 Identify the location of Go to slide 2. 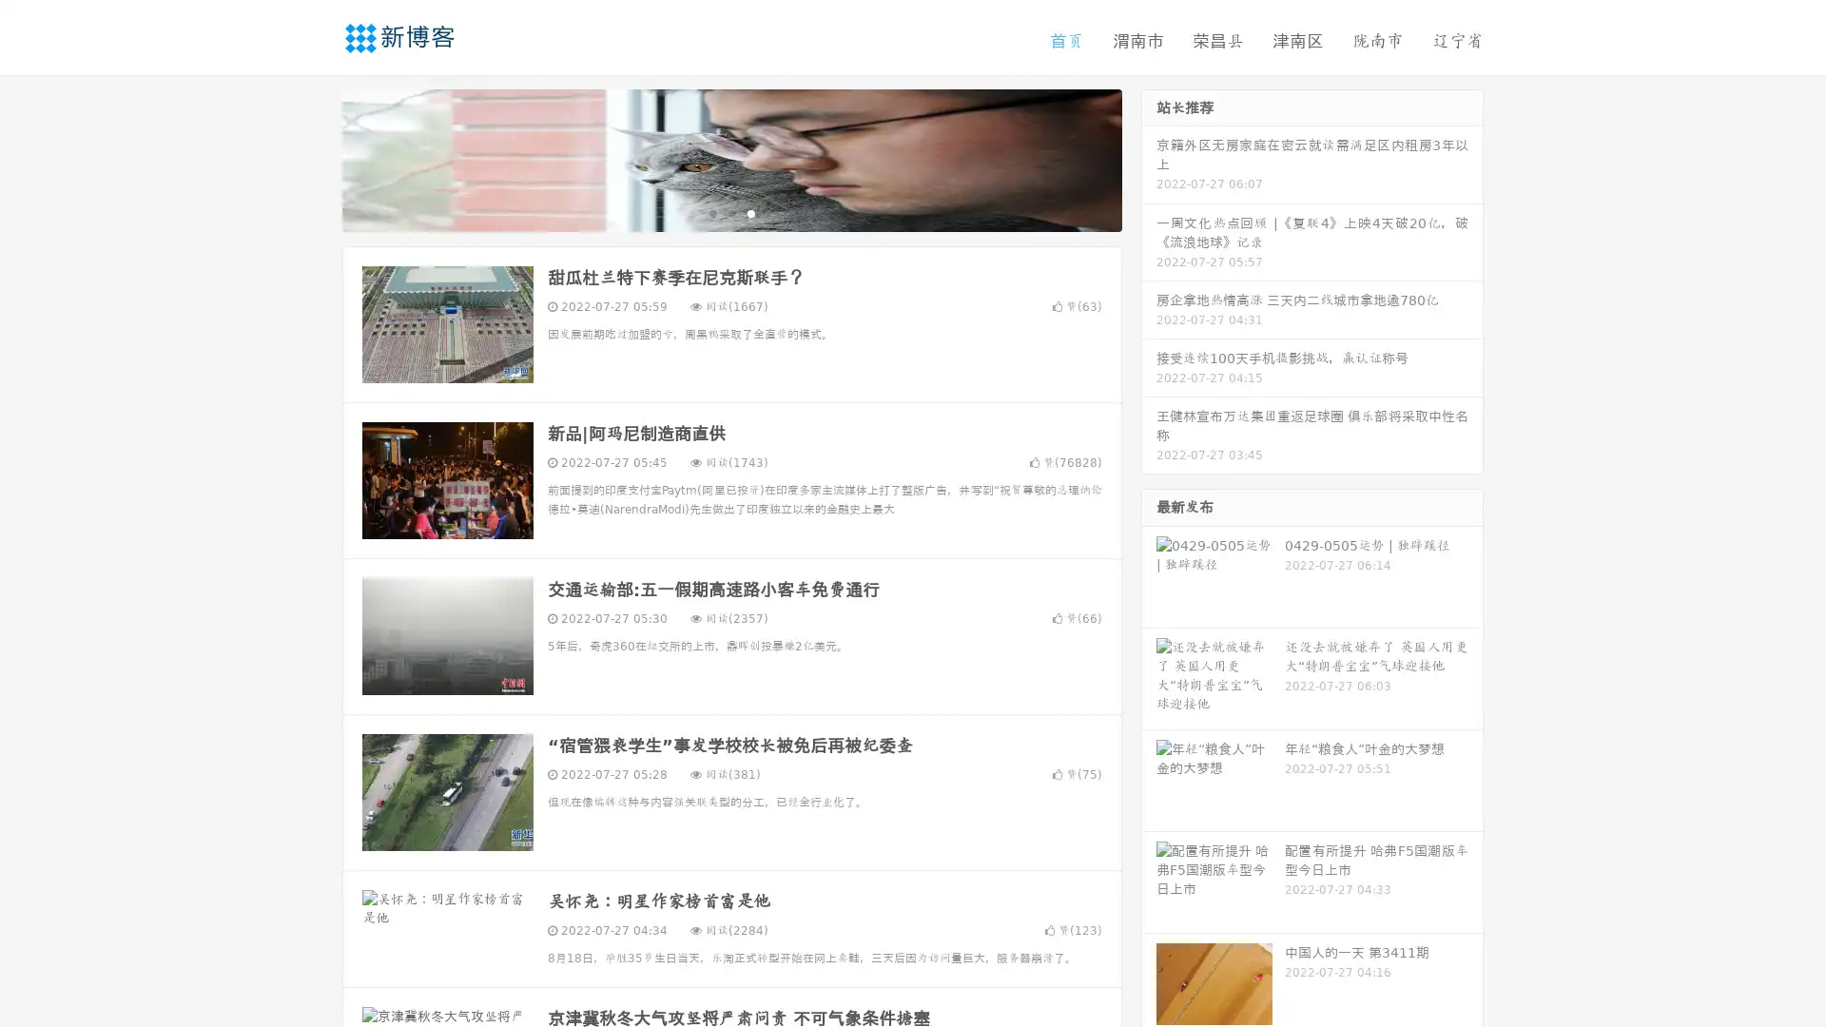
(730, 214).